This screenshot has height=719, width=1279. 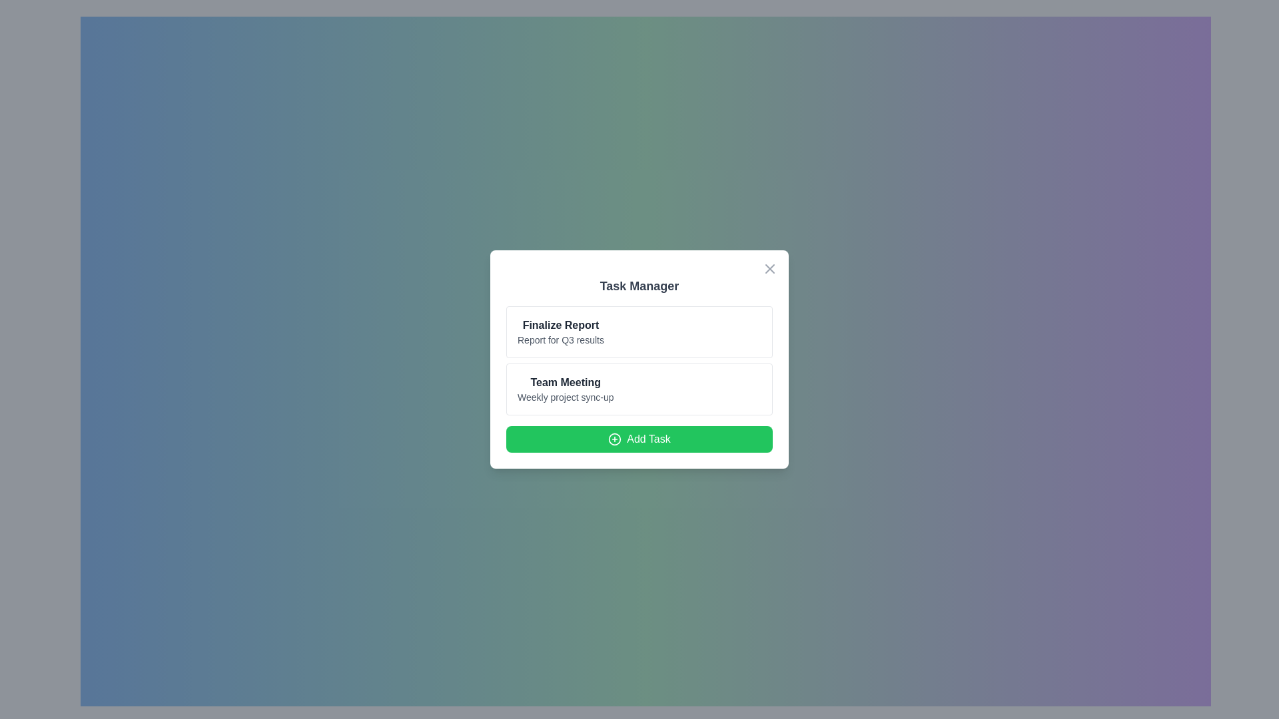 What do you see at coordinates (639, 389) in the screenshot?
I see `the 'Team Meeting' task item in the vertical list of tasks within the centered modal dialog box` at bounding box center [639, 389].